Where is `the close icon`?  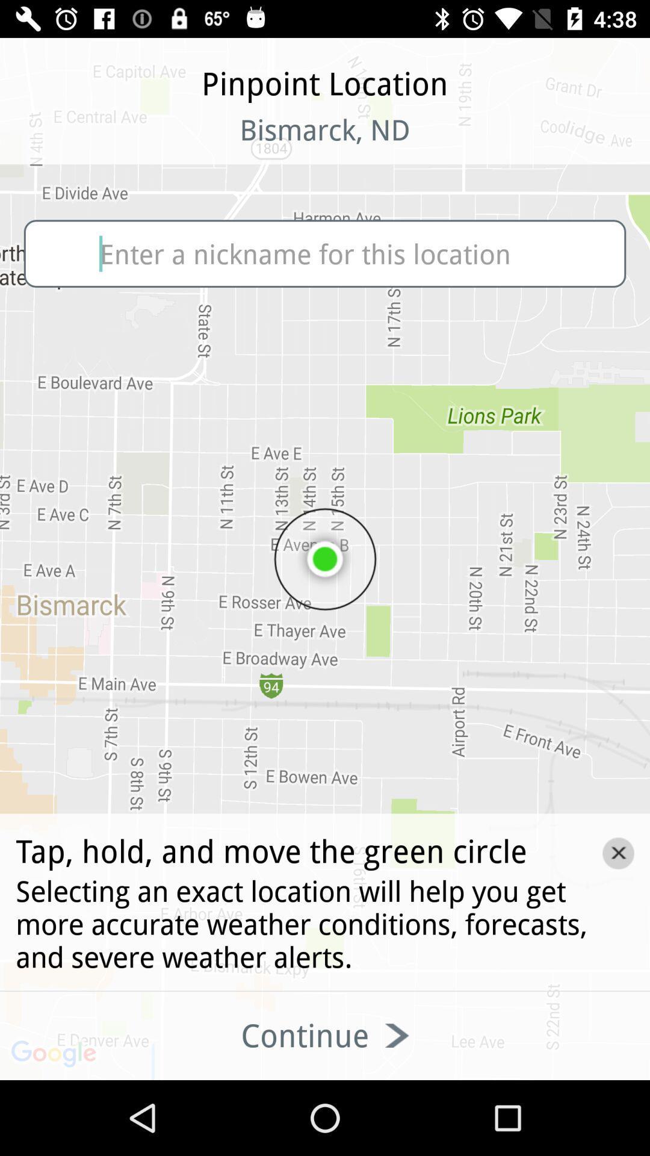 the close icon is located at coordinates (618, 853).